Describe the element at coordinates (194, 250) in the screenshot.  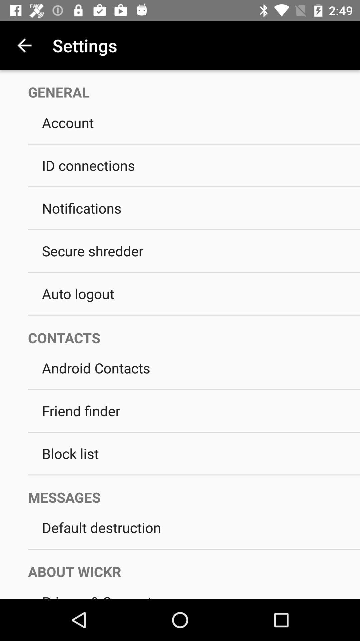
I see `the secure shredder icon` at that location.